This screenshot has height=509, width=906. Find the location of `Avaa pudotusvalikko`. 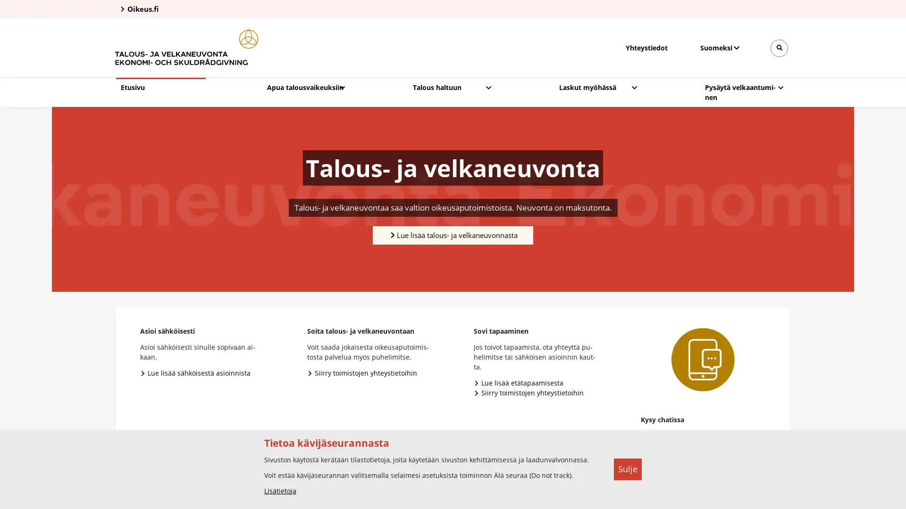

Avaa pudotusvalikko is located at coordinates (488, 87).